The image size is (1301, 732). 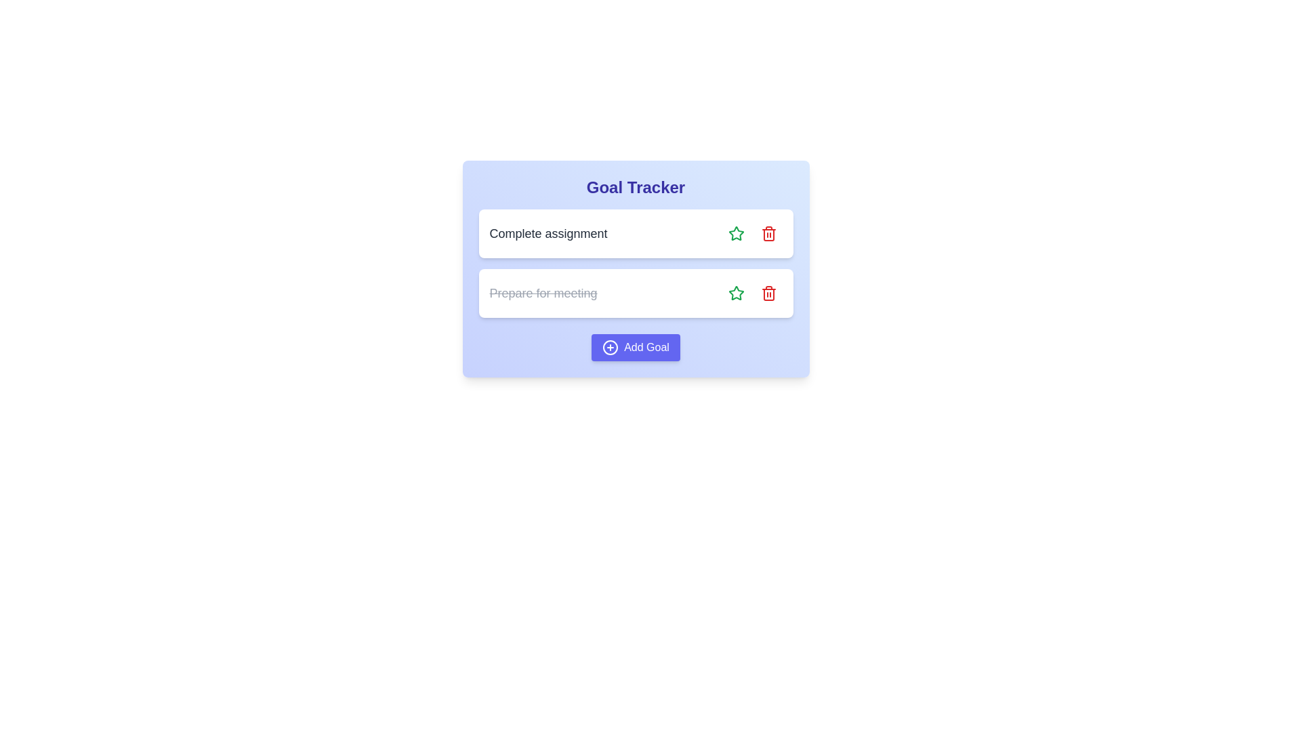 What do you see at coordinates (548, 232) in the screenshot?
I see `the text label displaying 'Complete assignment' in the Goal Tracker section` at bounding box center [548, 232].